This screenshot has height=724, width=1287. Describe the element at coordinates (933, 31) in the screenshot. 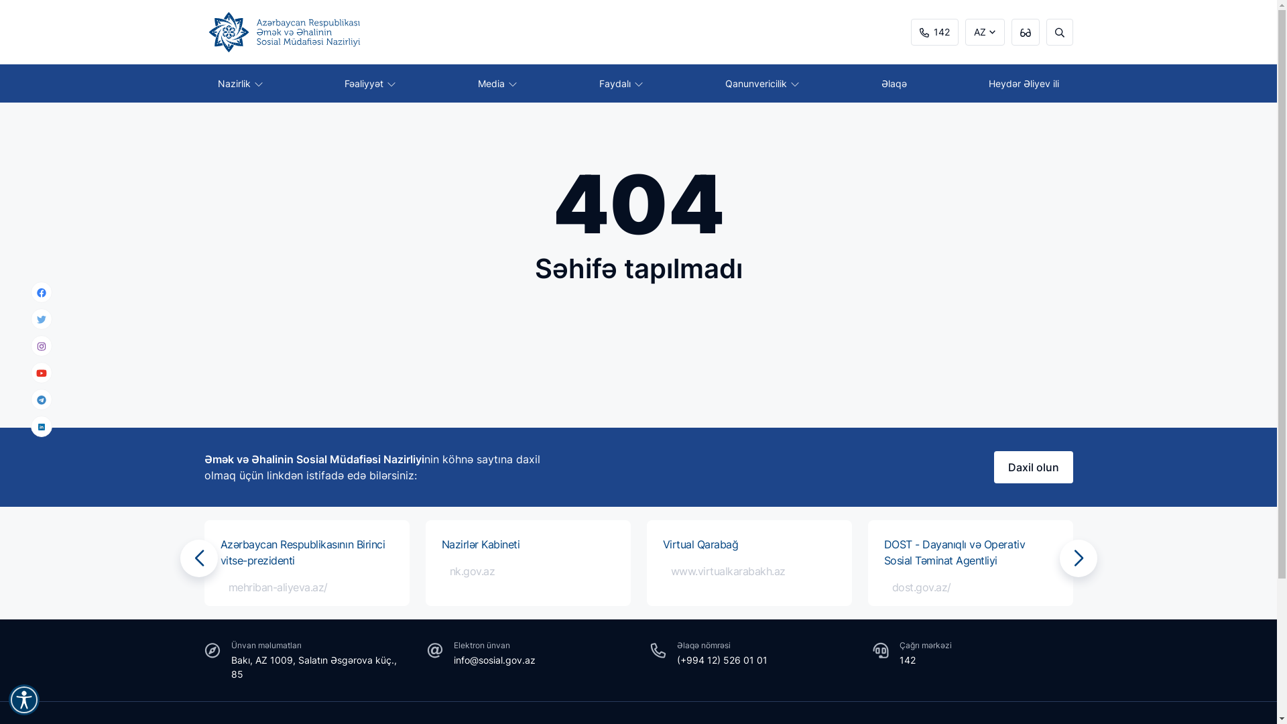

I see `'142'` at that location.